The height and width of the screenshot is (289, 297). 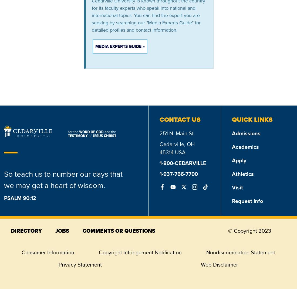 What do you see at coordinates (80, 264) in the screenshot?
I see `'Privacy Statement'` at bounding box center [80, 264].